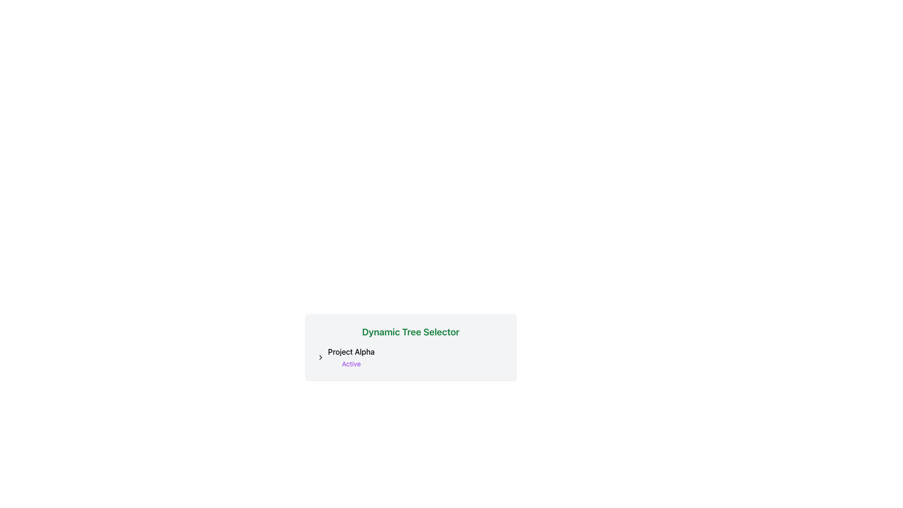  What do you see at coordinates (351, 357) in the screenshot?
I see `the label representing 'Project Alpha' with status 'Active' in the Dynamic Tree Selector` at bounding box center [351, 357].